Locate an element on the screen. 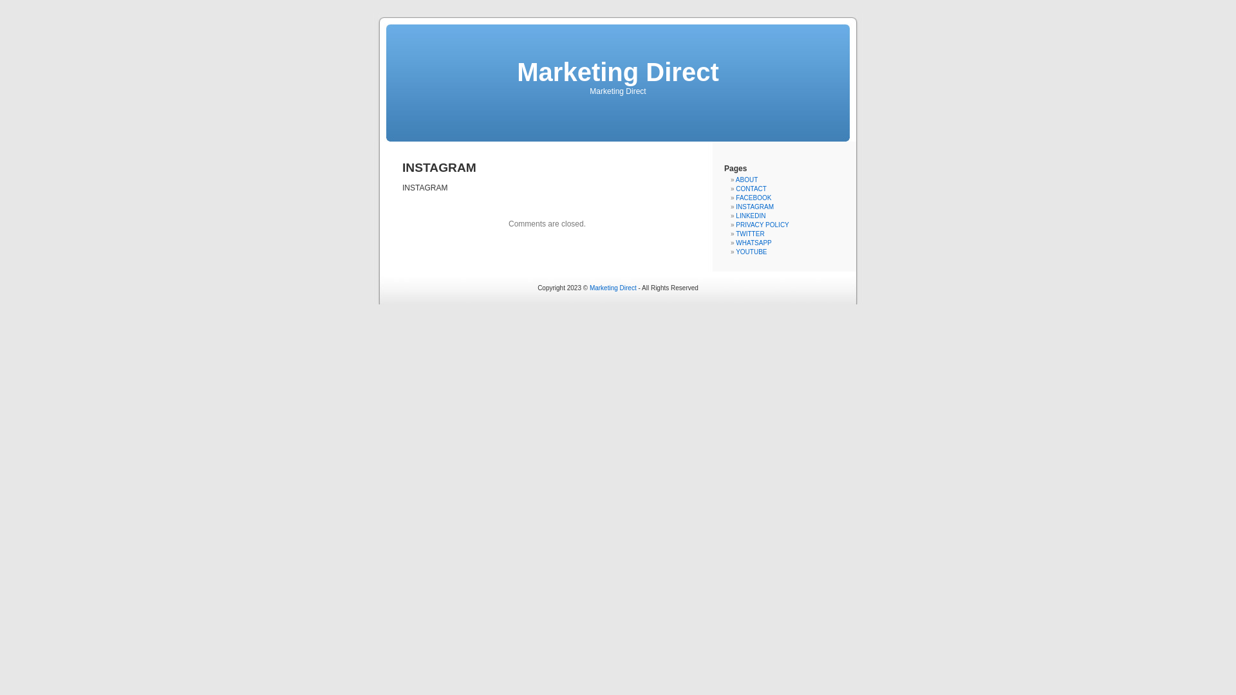  'INSTAGRAM' is located at coordinates (735, 206).